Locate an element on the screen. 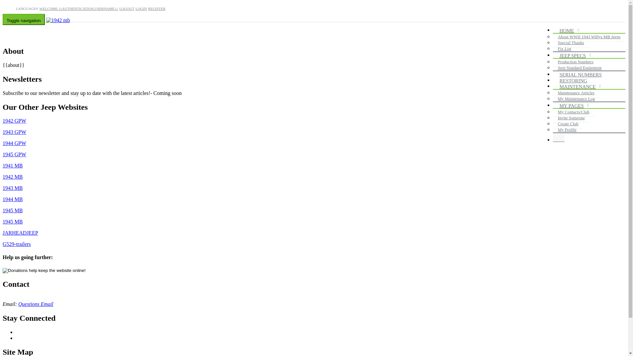 The width and height of the screenshot is (633, 356). 'LOGIN' is located at coordinates (140, 9).